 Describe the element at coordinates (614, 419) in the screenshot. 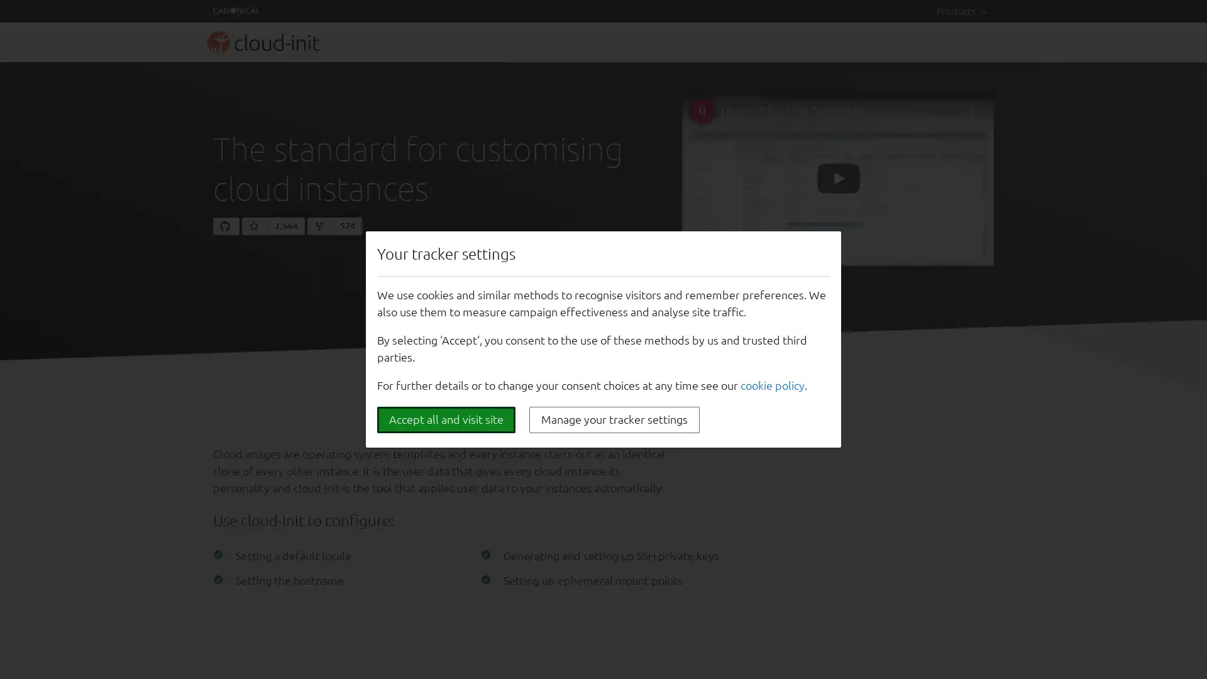

I see `Manage your tracker settings` at that location.